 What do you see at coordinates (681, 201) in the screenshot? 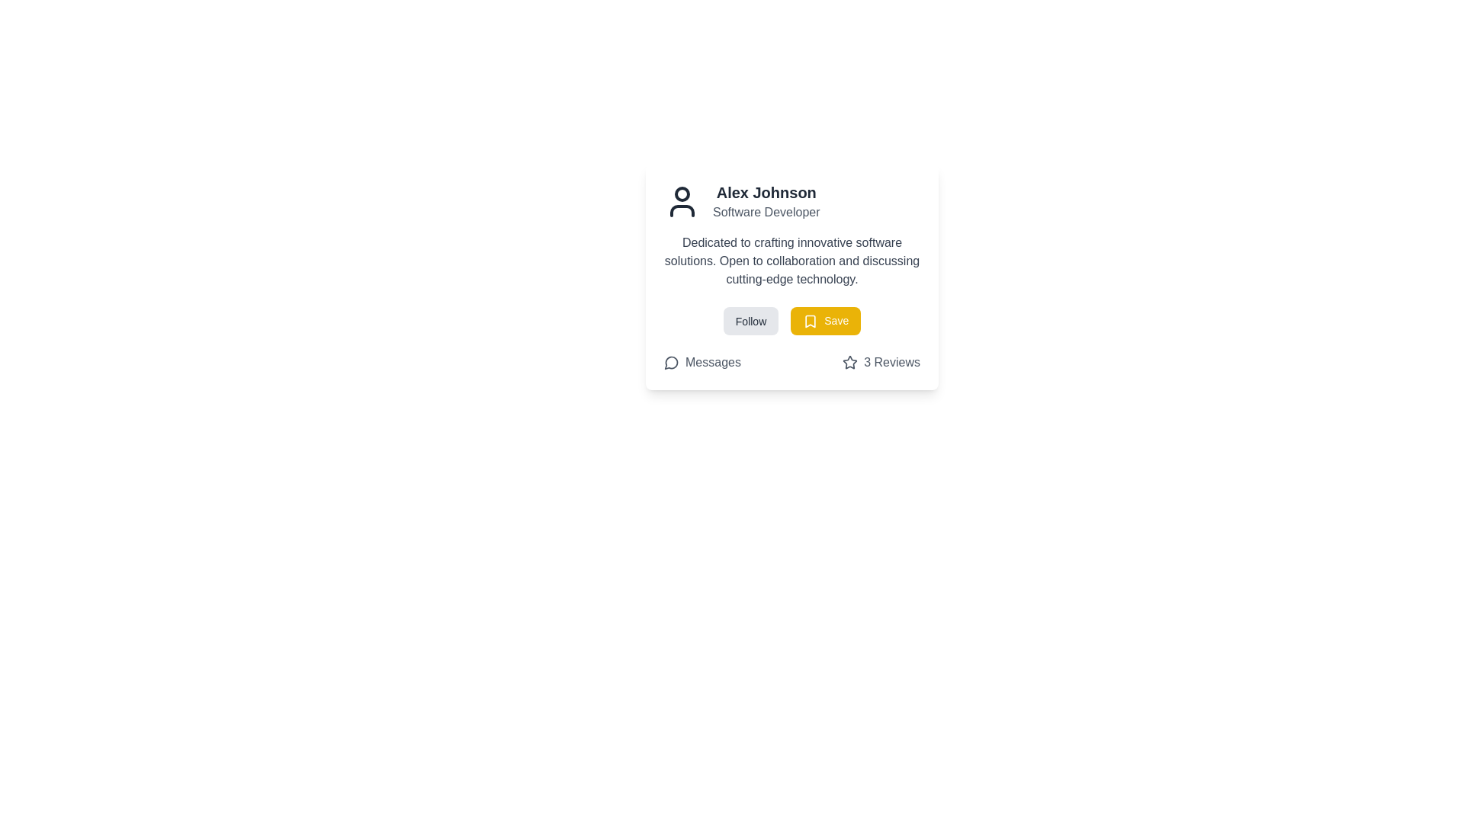
I see `the user profile icon, which is a stylized black head and shoulders outline located at the top left corner of the profile card next to 'Alex Johnson' and 'Software Developer'` at bounding box center [681, 201].